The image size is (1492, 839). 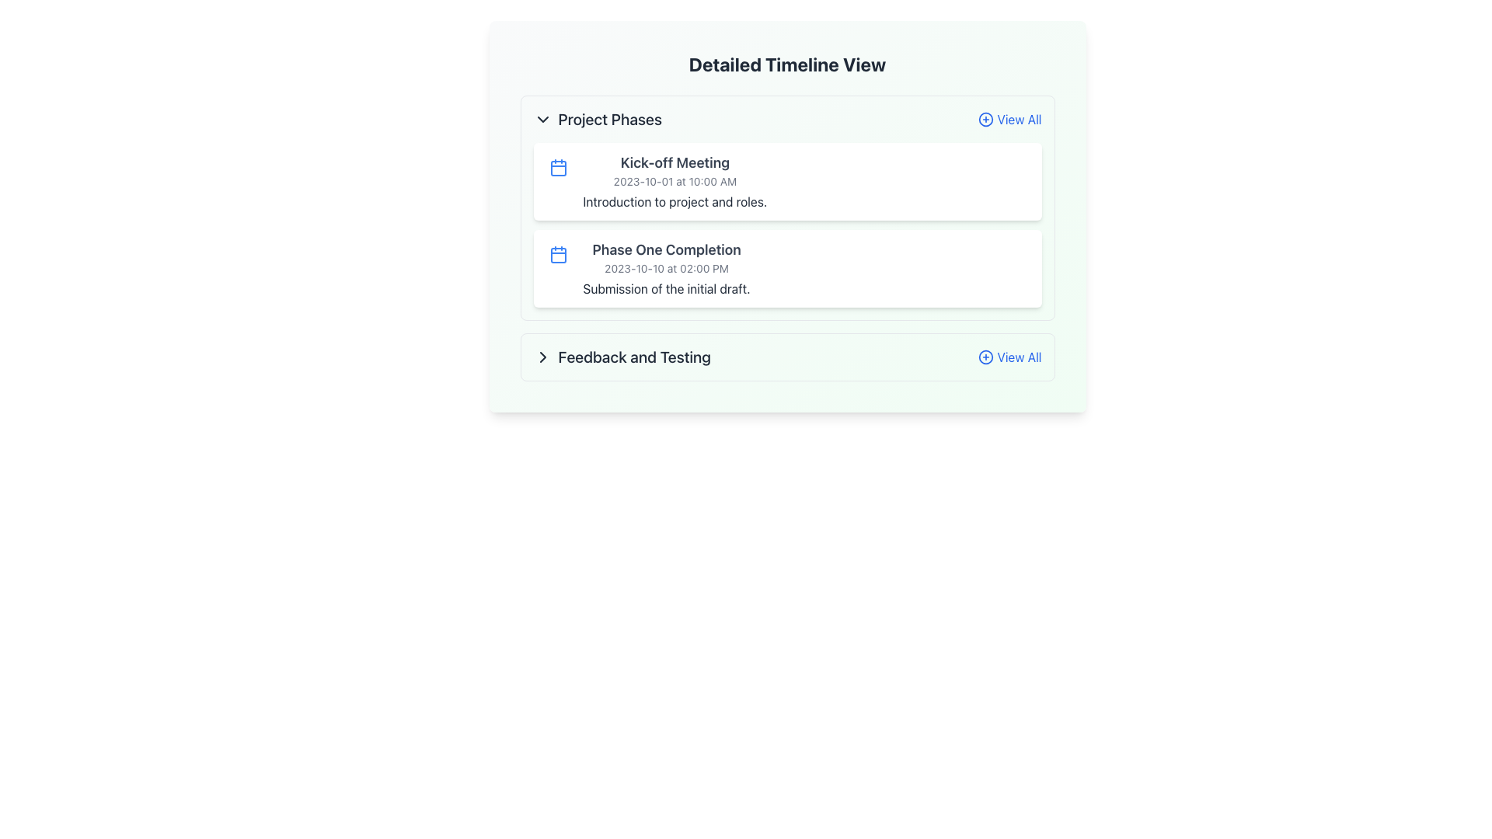 I want to click on the calendar event icon located to the left of the 'Kick-off Meeting' title and date under 'Project Phases', so click(x=558, y=168).